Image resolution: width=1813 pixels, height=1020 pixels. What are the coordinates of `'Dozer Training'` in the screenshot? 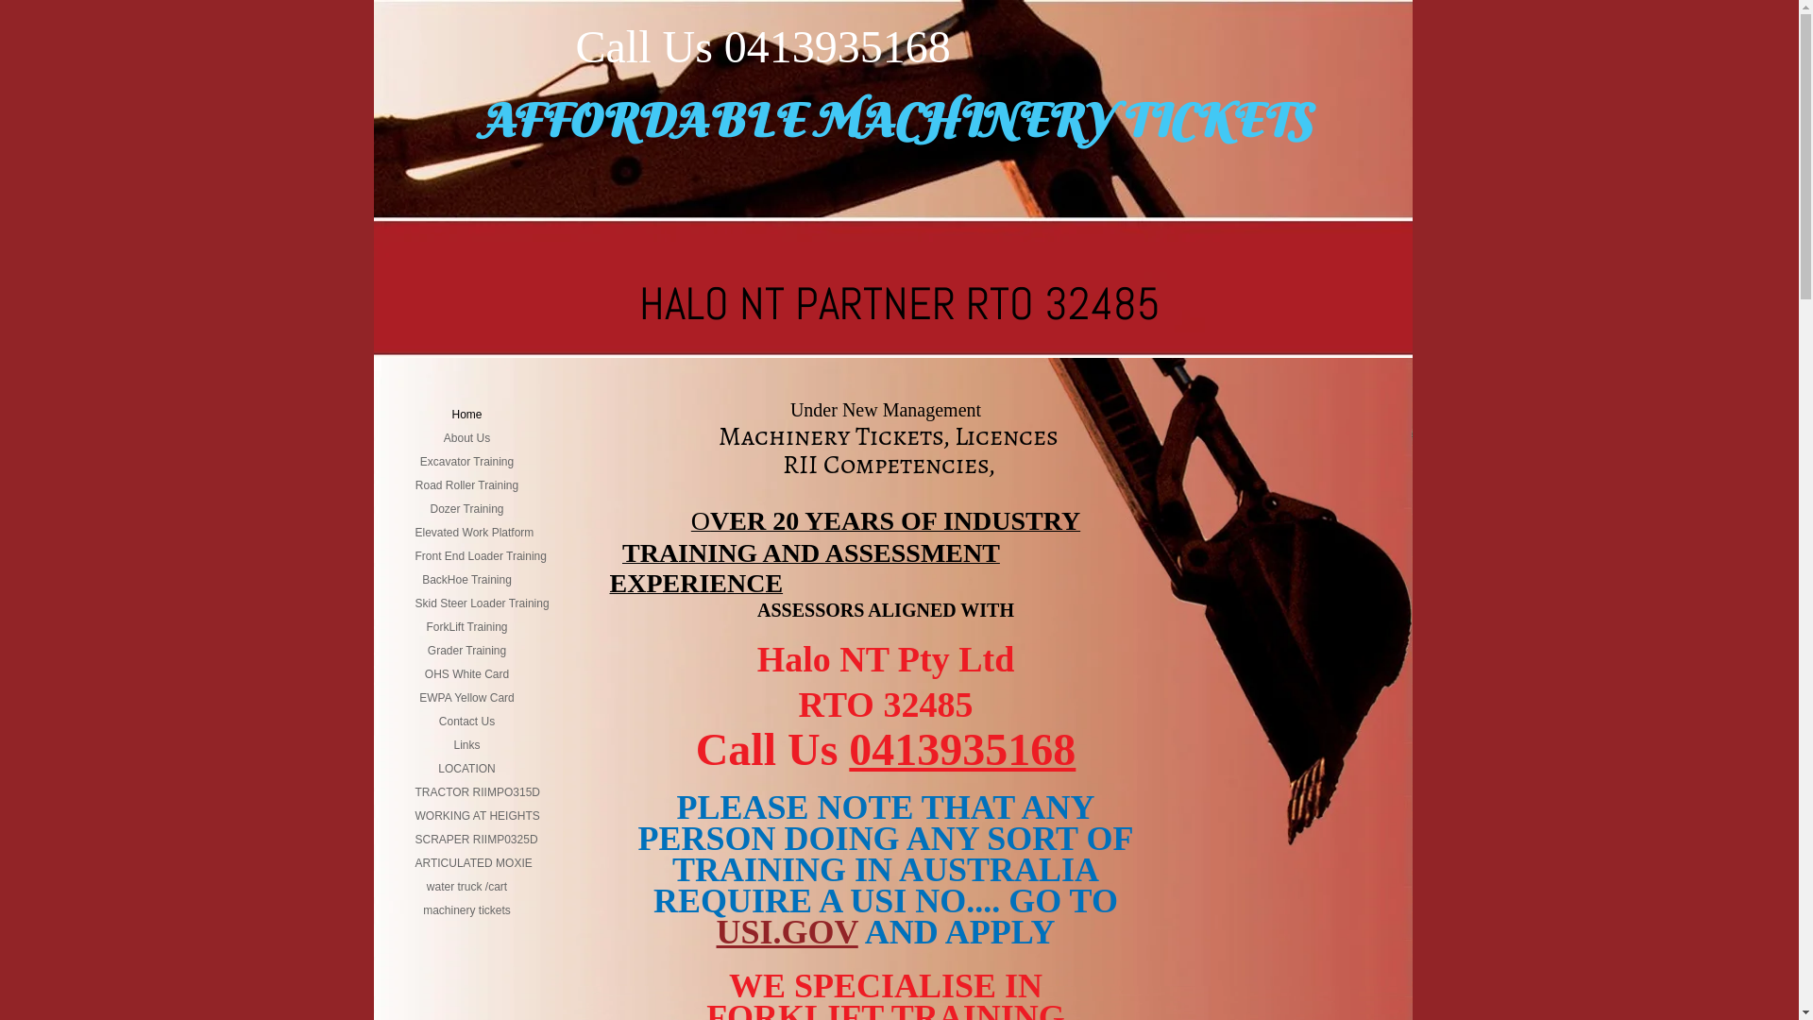 It's located at (466, 508).